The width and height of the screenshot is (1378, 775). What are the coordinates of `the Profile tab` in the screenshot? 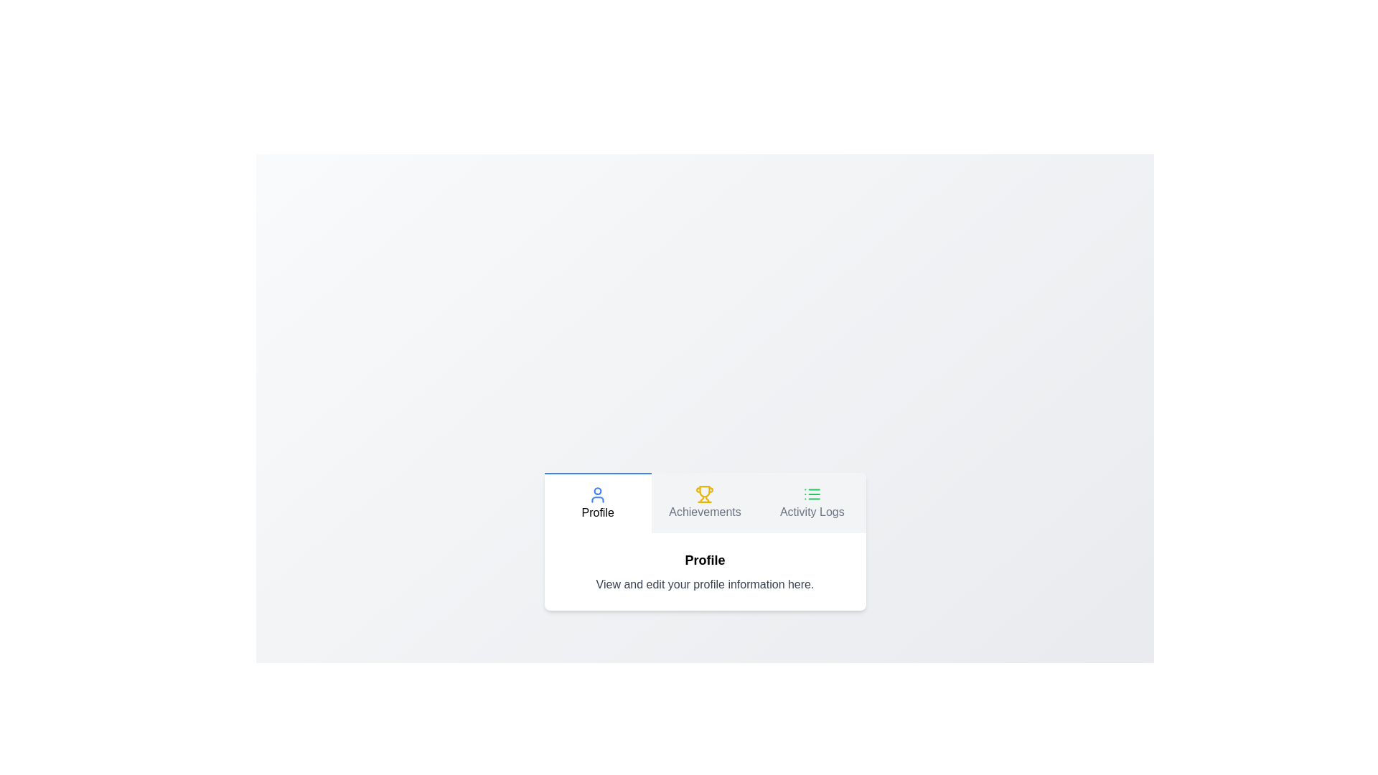 It's located at (598, 502).